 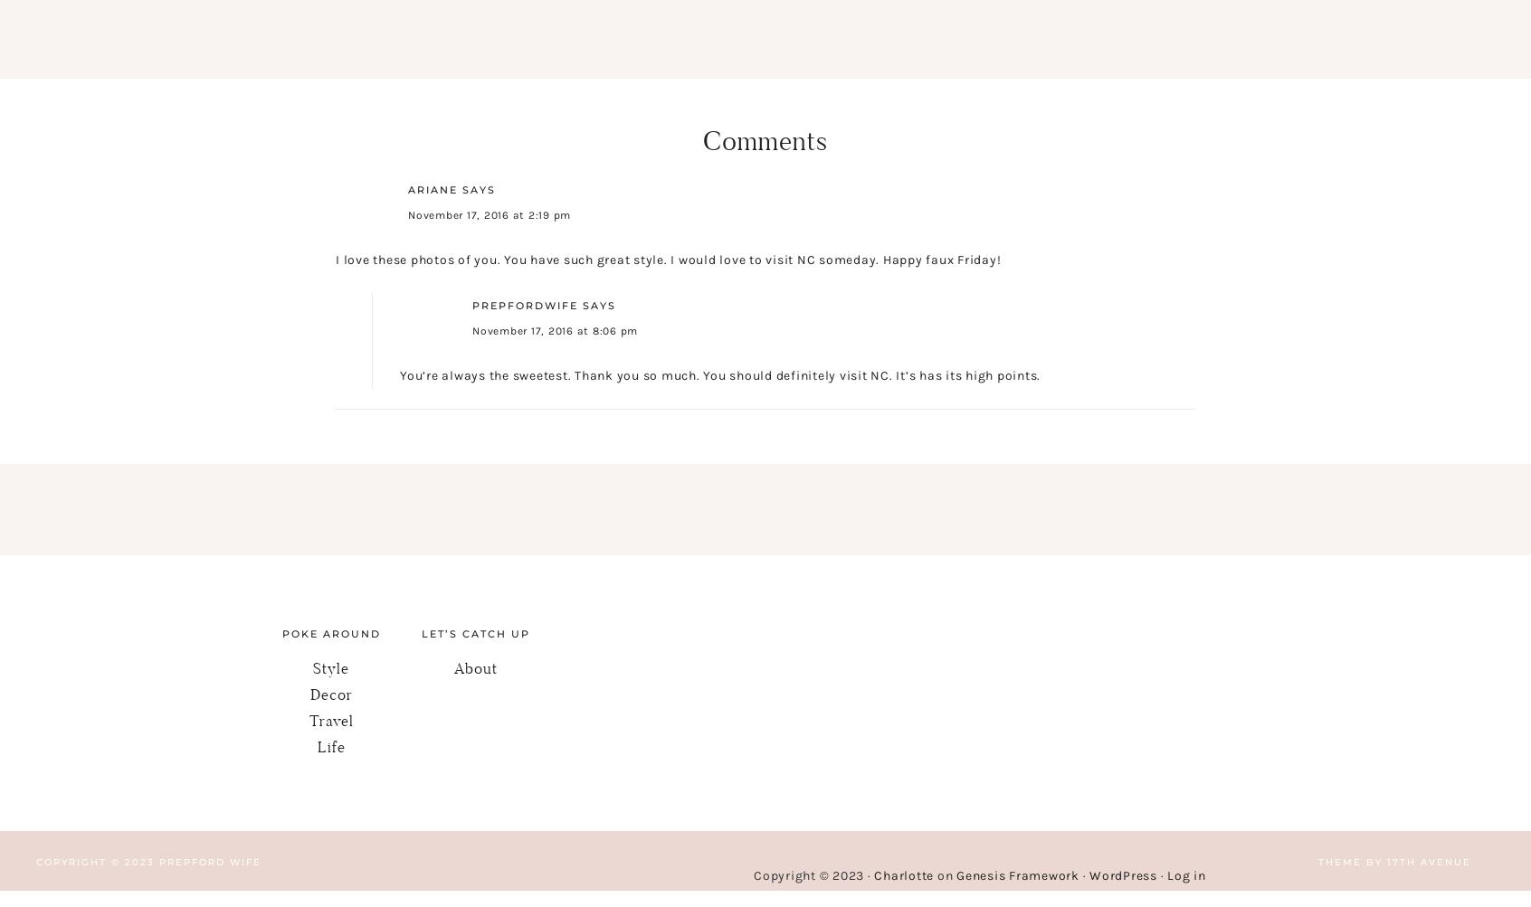 I want to click on 'Log in', so click(x=1184, y=874).